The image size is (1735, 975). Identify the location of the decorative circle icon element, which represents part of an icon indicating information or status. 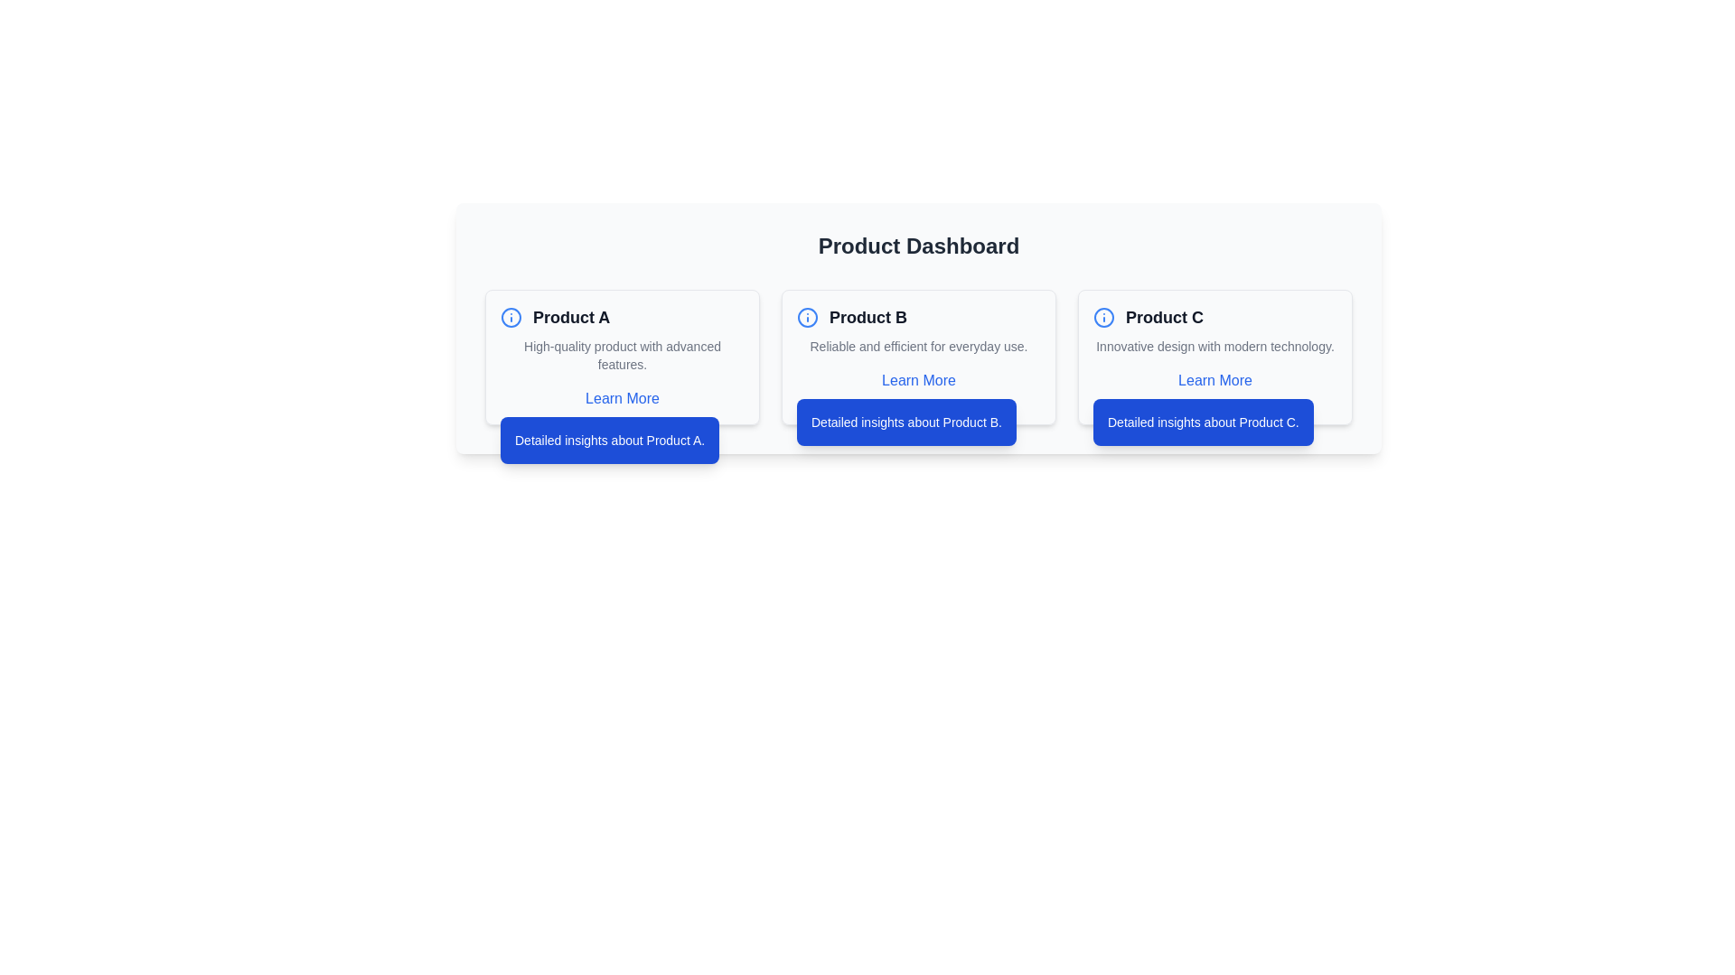
(1103, 316).